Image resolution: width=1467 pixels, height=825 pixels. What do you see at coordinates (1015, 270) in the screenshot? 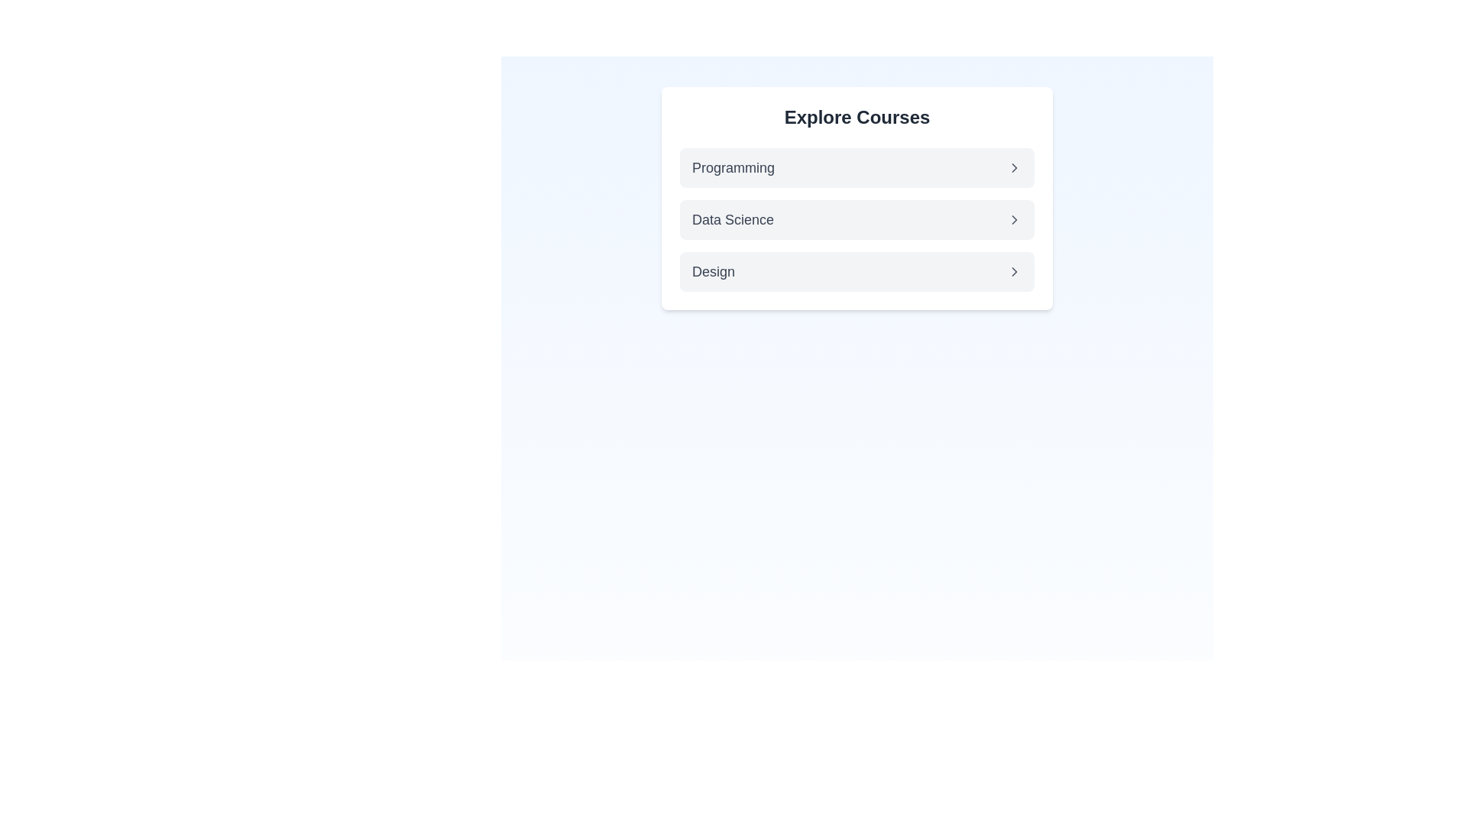
I see `the right-pointing chevron icon located next to the 'Design' option in the menu interface, which is the third in a vertical sequence of similar icons` at bounding box center [1015, 270].